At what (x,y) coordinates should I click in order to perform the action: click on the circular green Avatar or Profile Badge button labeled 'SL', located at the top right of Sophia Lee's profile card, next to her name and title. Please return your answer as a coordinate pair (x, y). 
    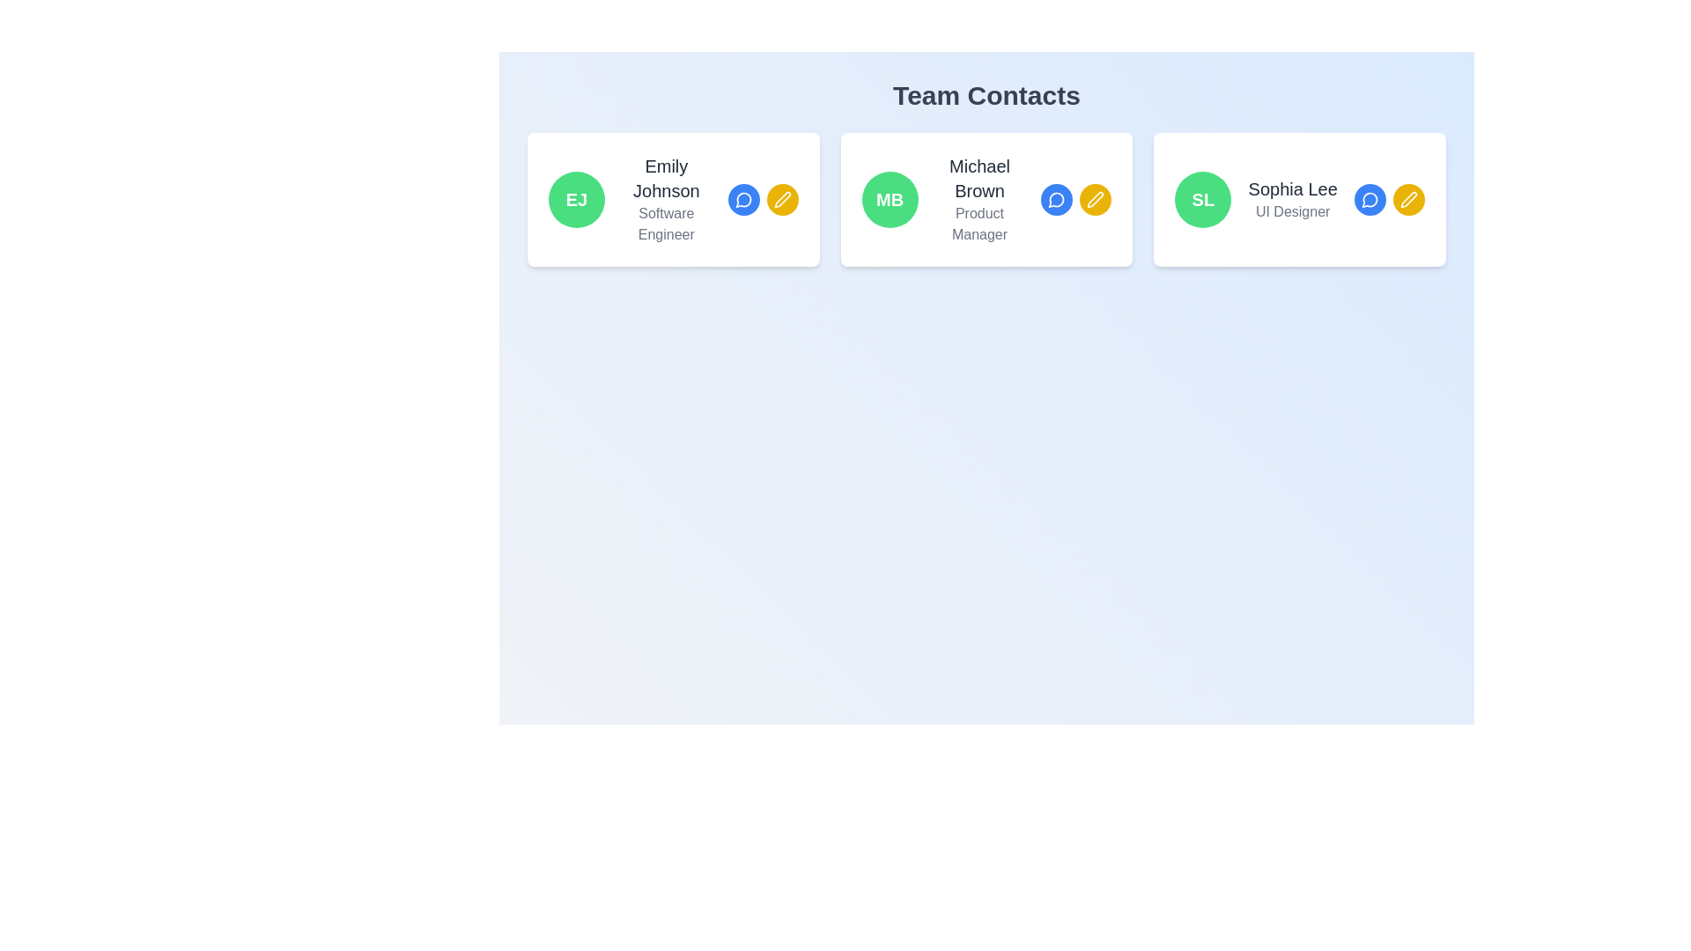
    Looking at the image, I should click on (1202, 199).